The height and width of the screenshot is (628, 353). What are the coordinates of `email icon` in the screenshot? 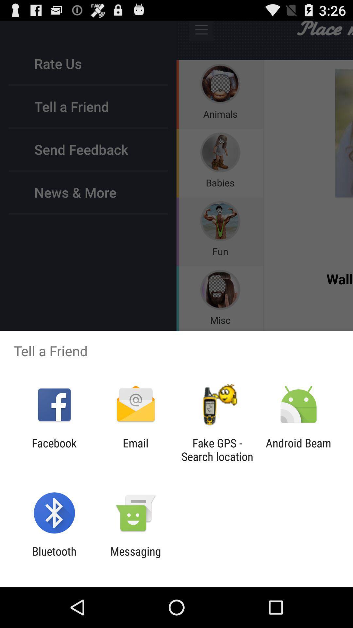 It's located at (135, 449).